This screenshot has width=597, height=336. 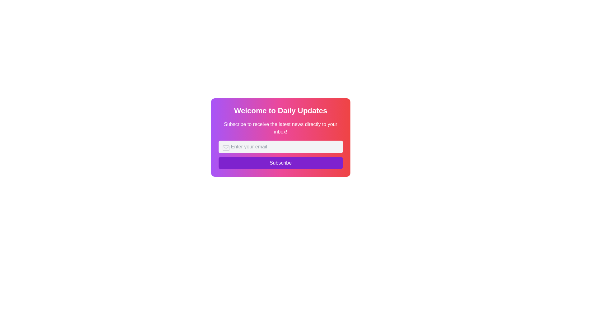 I want to click on the SVG envelope icon located within the email input box, which has a white background and smooth rounded edges, positioned towards the left side of the input field, so click(x=225, y=148).